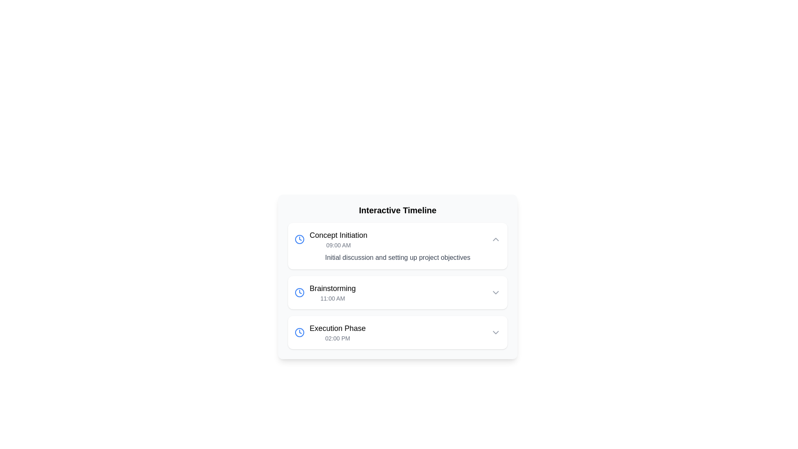 This screenshot has width=798, height=449. Describe the element at coordinates (330, 332) in the screenshot. I see `timestamp of the timeline entry labeled 'Execution Phase' scheduled at '02:00 PM', which is the third row item in the timeline list` at that location.